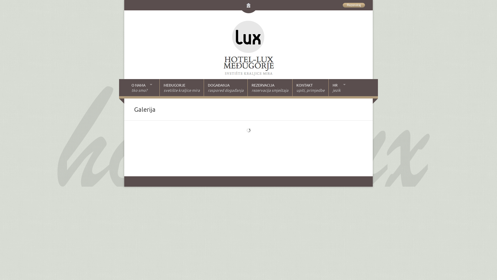  What do you see at coordinates (259, 139) in the screenshot?
I see `'DSC-94'` at bounding box center [259, 139].